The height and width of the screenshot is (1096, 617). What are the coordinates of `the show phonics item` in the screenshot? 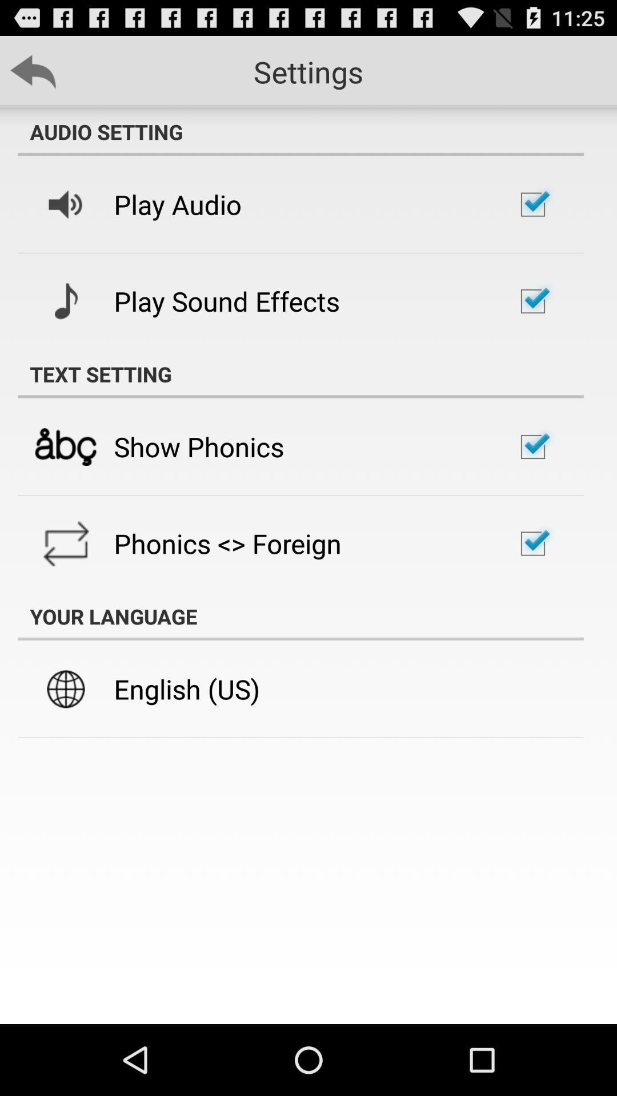 It's located at (198, 446).